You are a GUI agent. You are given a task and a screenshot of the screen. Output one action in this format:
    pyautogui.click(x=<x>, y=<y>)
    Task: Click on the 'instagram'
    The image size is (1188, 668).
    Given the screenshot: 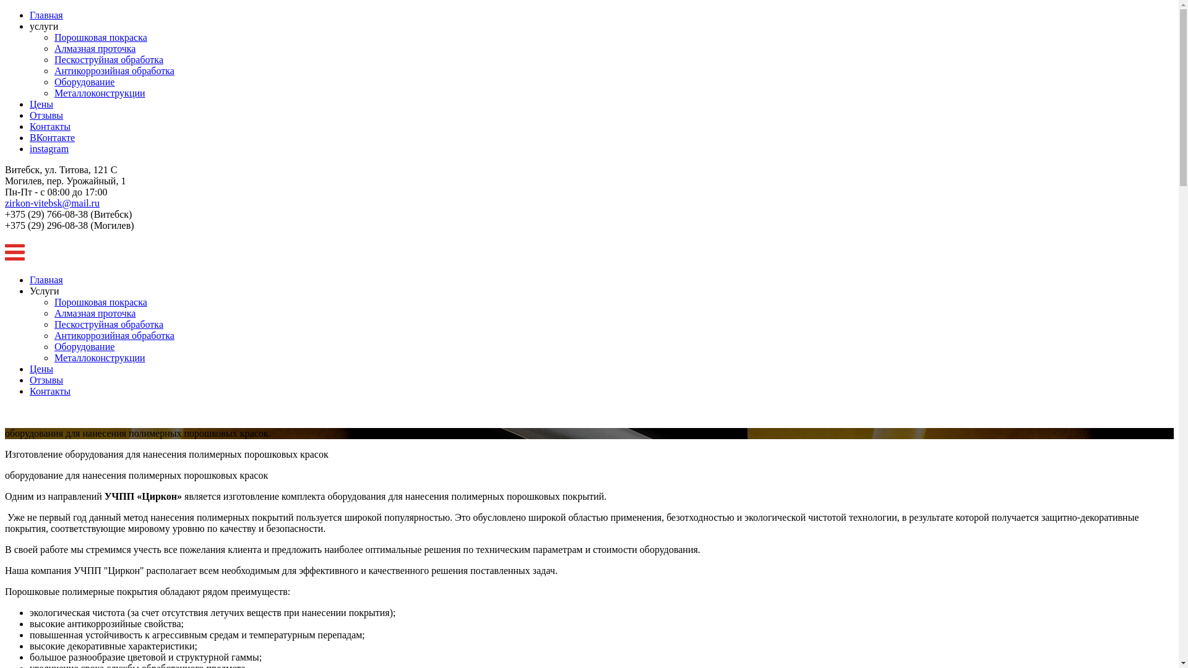 What is the action you would take?
    pyautogui.click(x=30, y=148)
    